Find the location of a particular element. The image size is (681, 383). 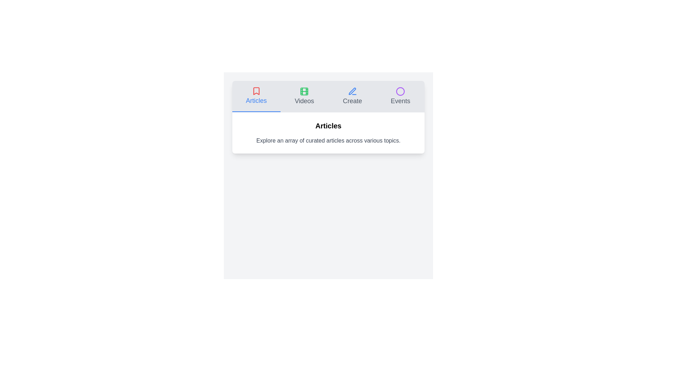

the Articles tab to view its content is located at coordinates (256, 96).